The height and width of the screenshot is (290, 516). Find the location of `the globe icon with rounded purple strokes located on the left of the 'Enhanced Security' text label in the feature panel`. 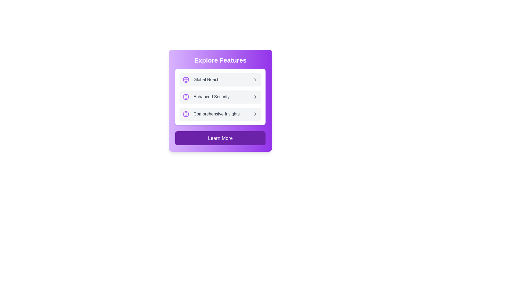

the globe icon with rounded purple strokes located on the left of the 'Enhanced Security' text label in the feature panel is located at coordinates (186, 97).